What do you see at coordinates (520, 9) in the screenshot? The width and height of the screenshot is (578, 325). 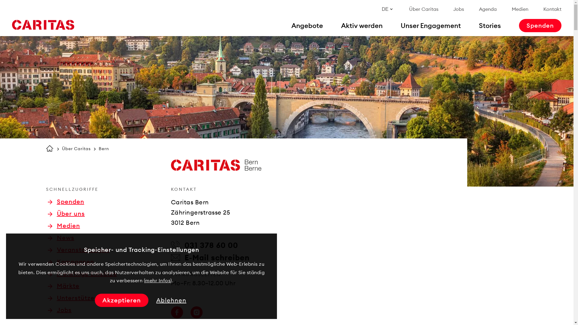 I see `'Medien'` at bounding box center [520, 9].